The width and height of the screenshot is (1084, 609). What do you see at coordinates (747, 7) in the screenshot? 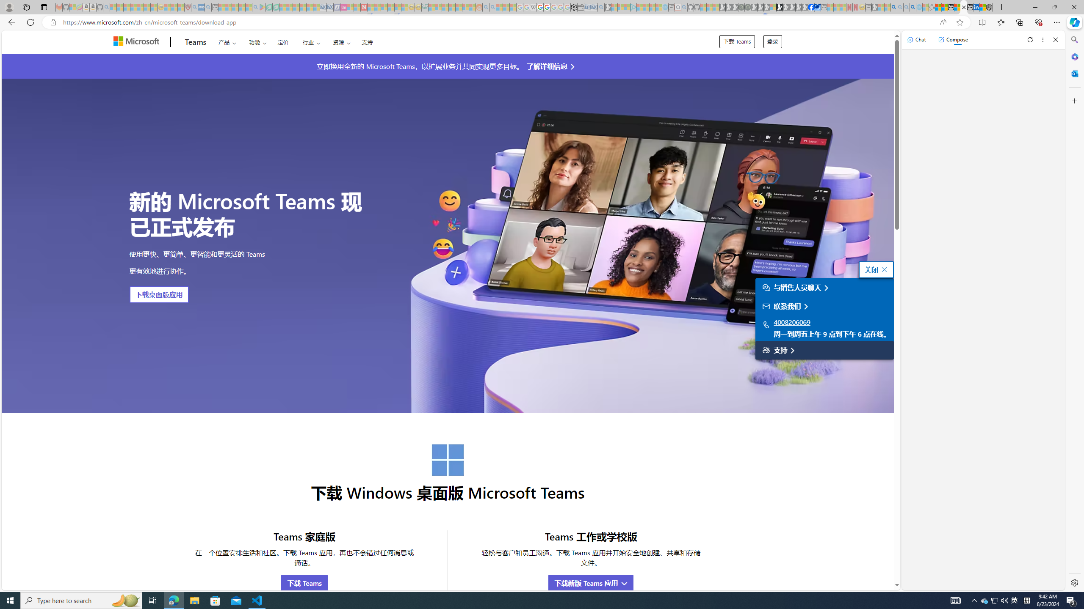
I see `'Future Focus Report 2024 - Sleeping'` at bounding box center [747, 7].